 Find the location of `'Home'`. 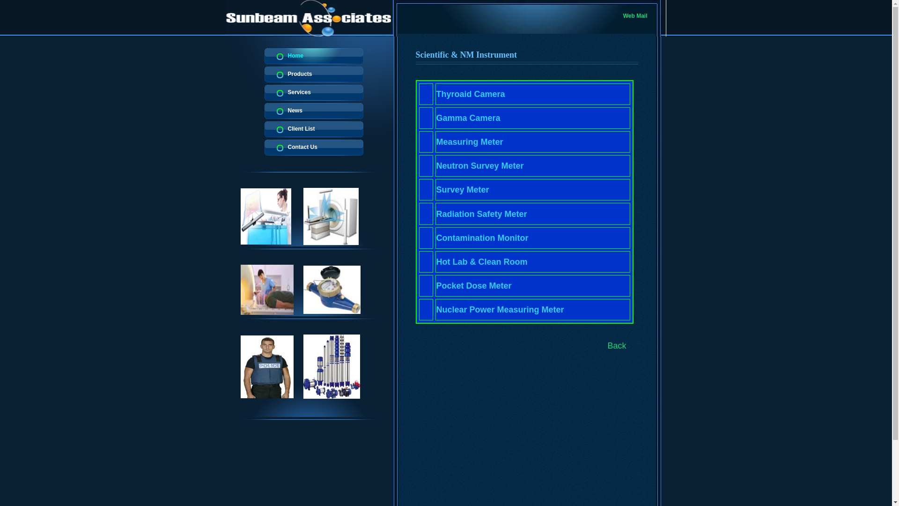

'Home' is located at coordinates (313, 56).